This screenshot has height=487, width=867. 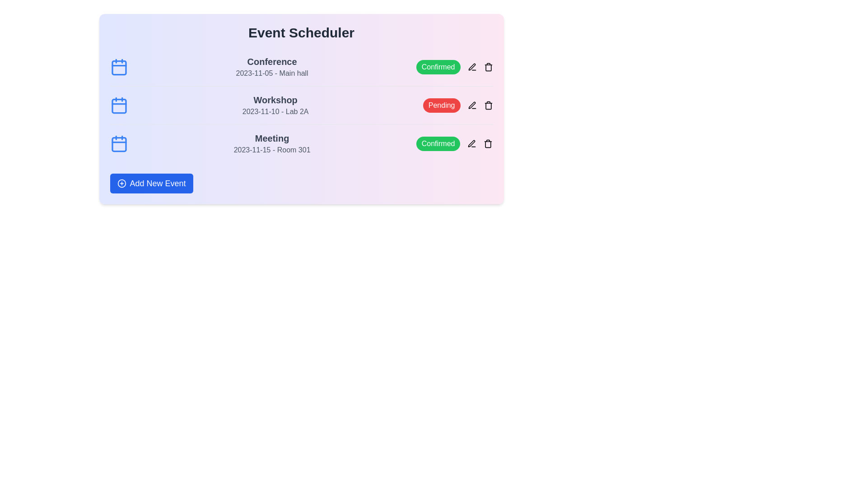 What do you see at coordinates (488, 143) in the screenshot?
I see `the trash bin icon button at the end of the 'Meeting' row` at bounding box center [488, 143].